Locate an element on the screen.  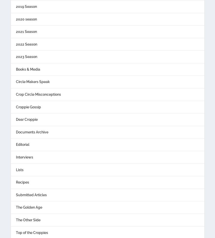
'Circle Makers Speak' is located at coordinates (33, 82).